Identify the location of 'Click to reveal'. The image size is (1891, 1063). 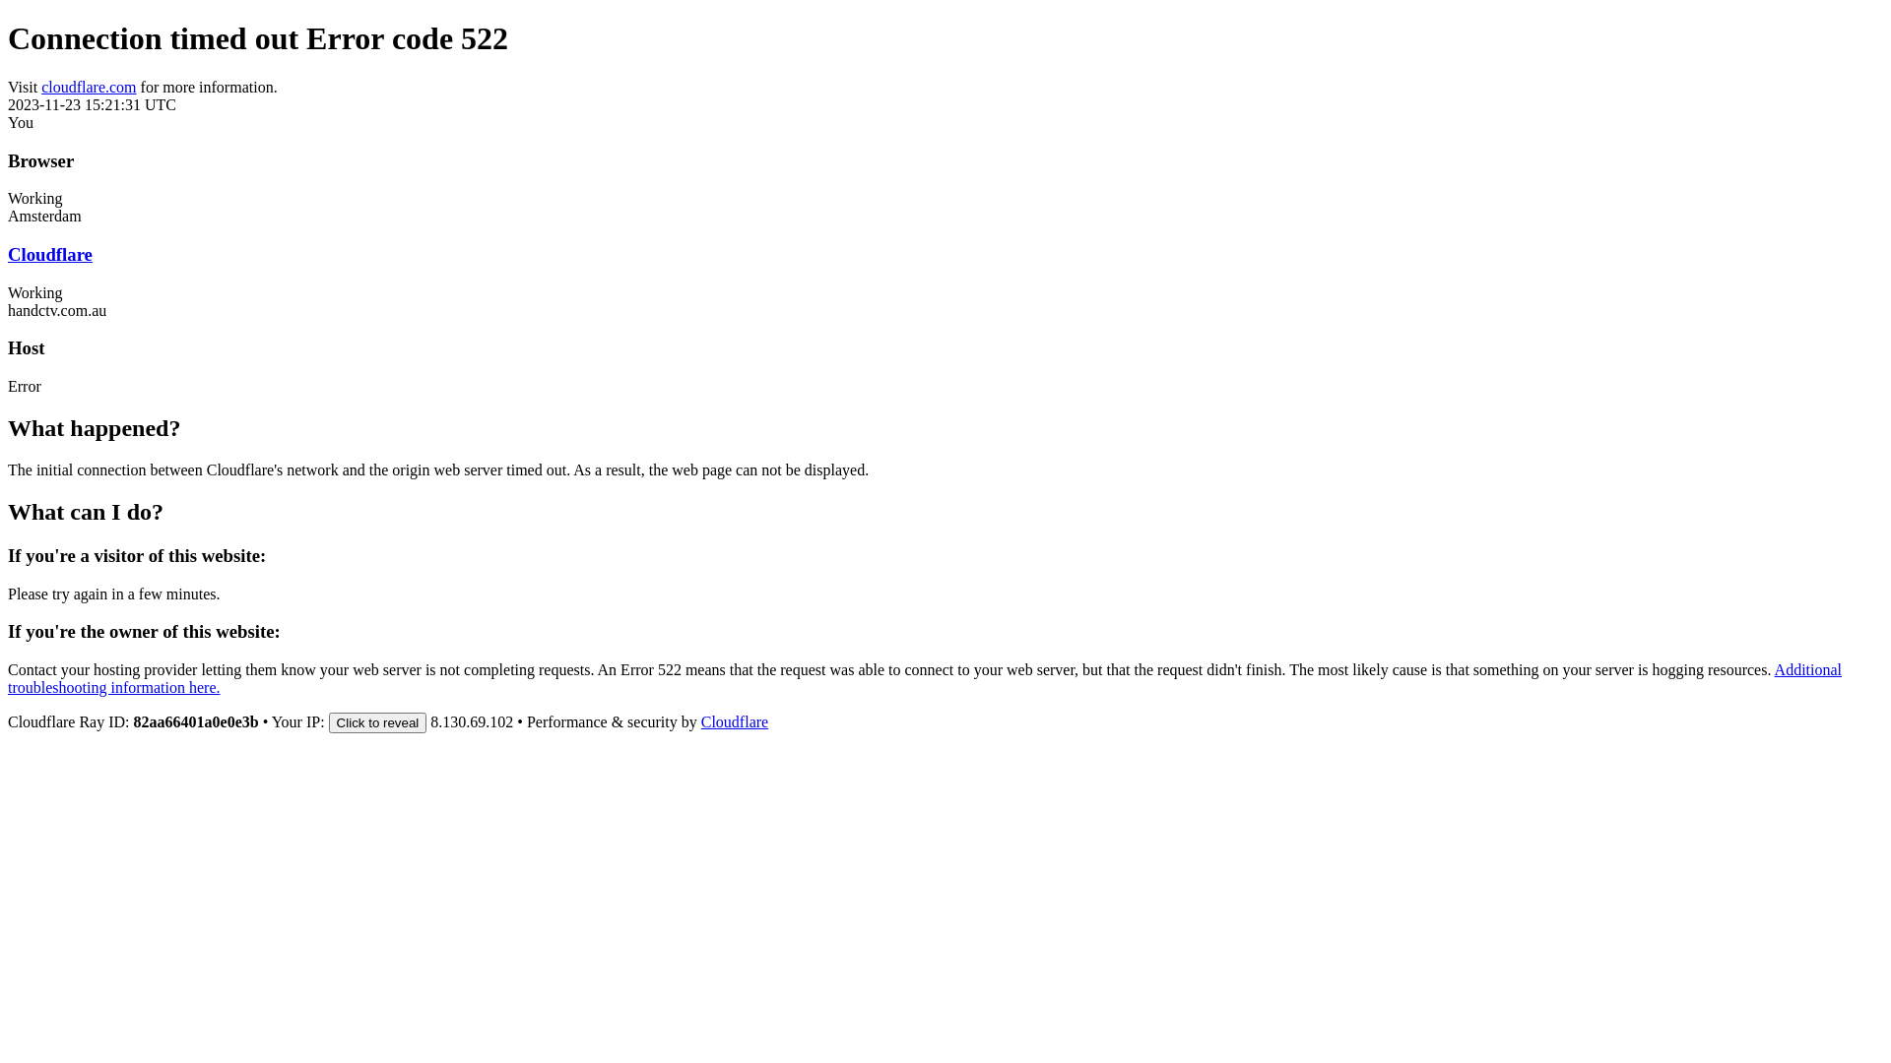
(378, 722).